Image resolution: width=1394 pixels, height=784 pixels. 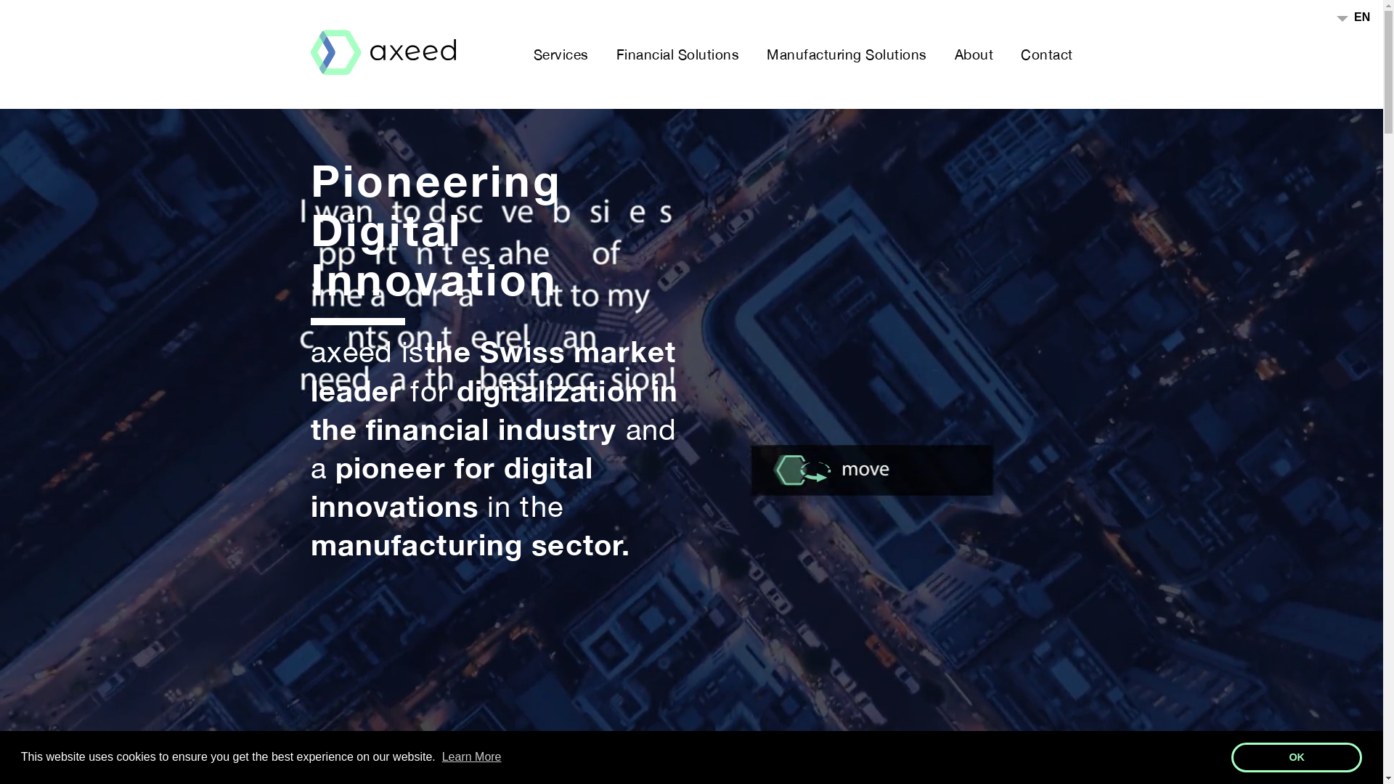 I want to click on 'Financial Solutions', so click(x=676, y=53).